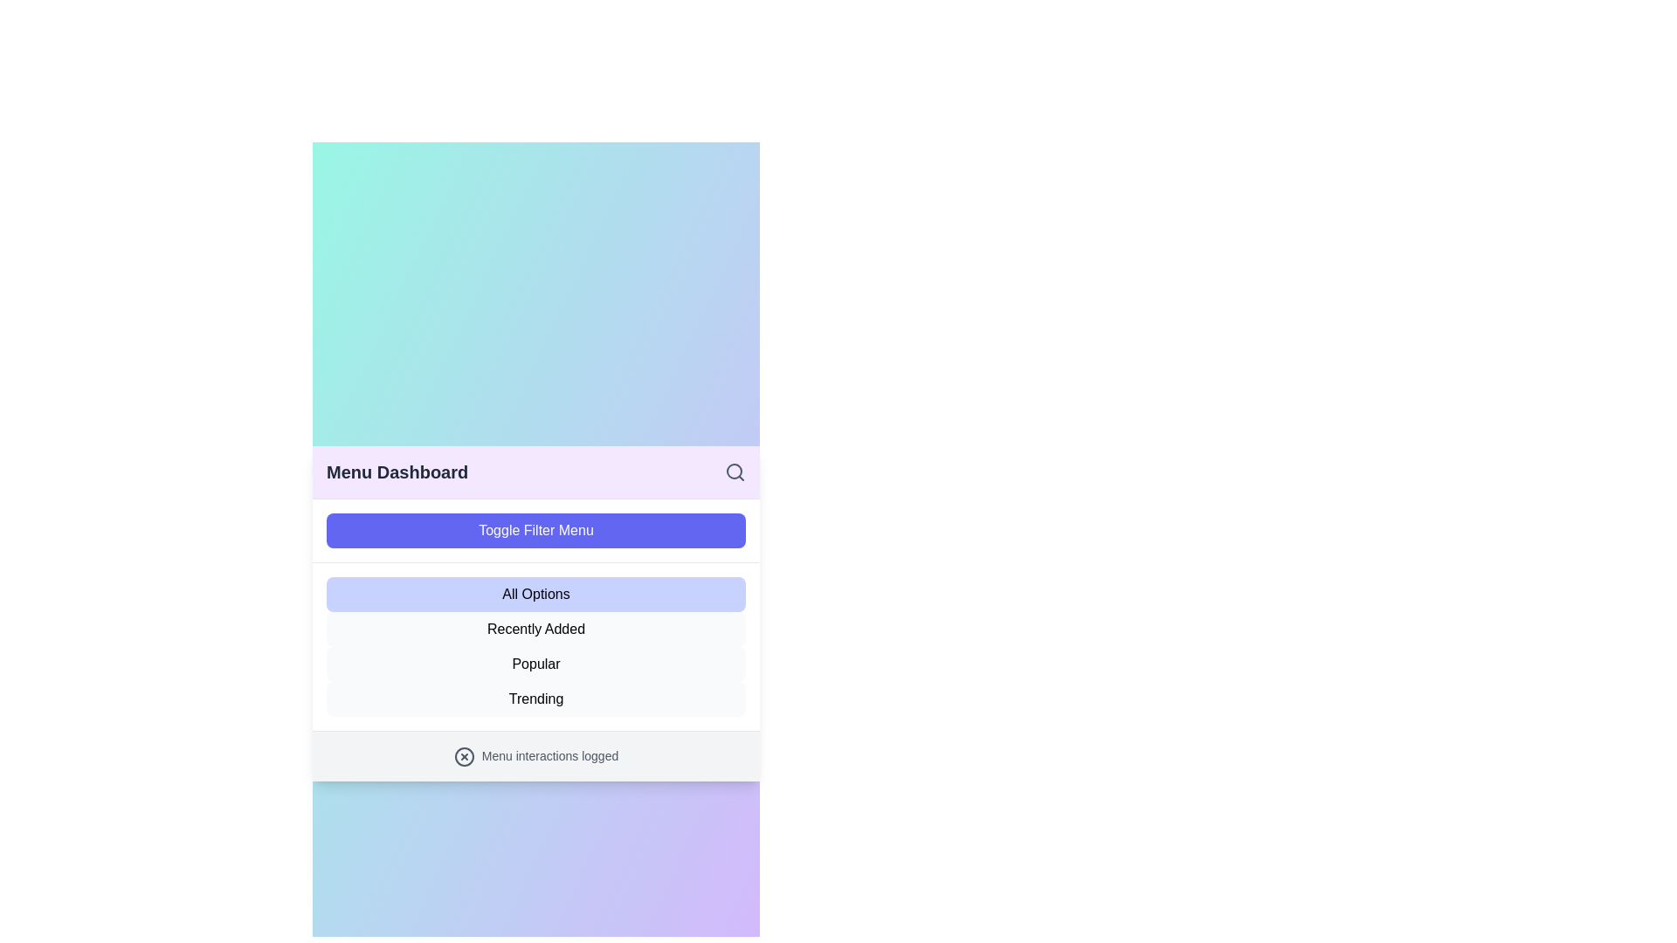  Describe the element at coordinates (535, 630) in the screenshot. I see `the menu option Recently Added from the list` at that location.